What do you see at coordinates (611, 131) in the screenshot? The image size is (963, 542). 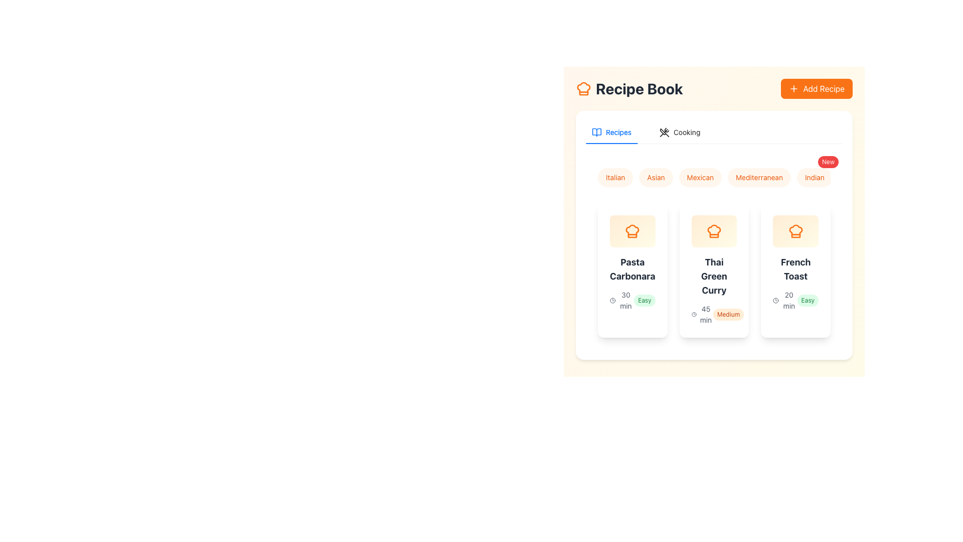 I see `the active 'Recipes' tab which is the first tab in the tab bar, depicted with a blue open book icon and bold blue text` at bounding box center [611, 131].